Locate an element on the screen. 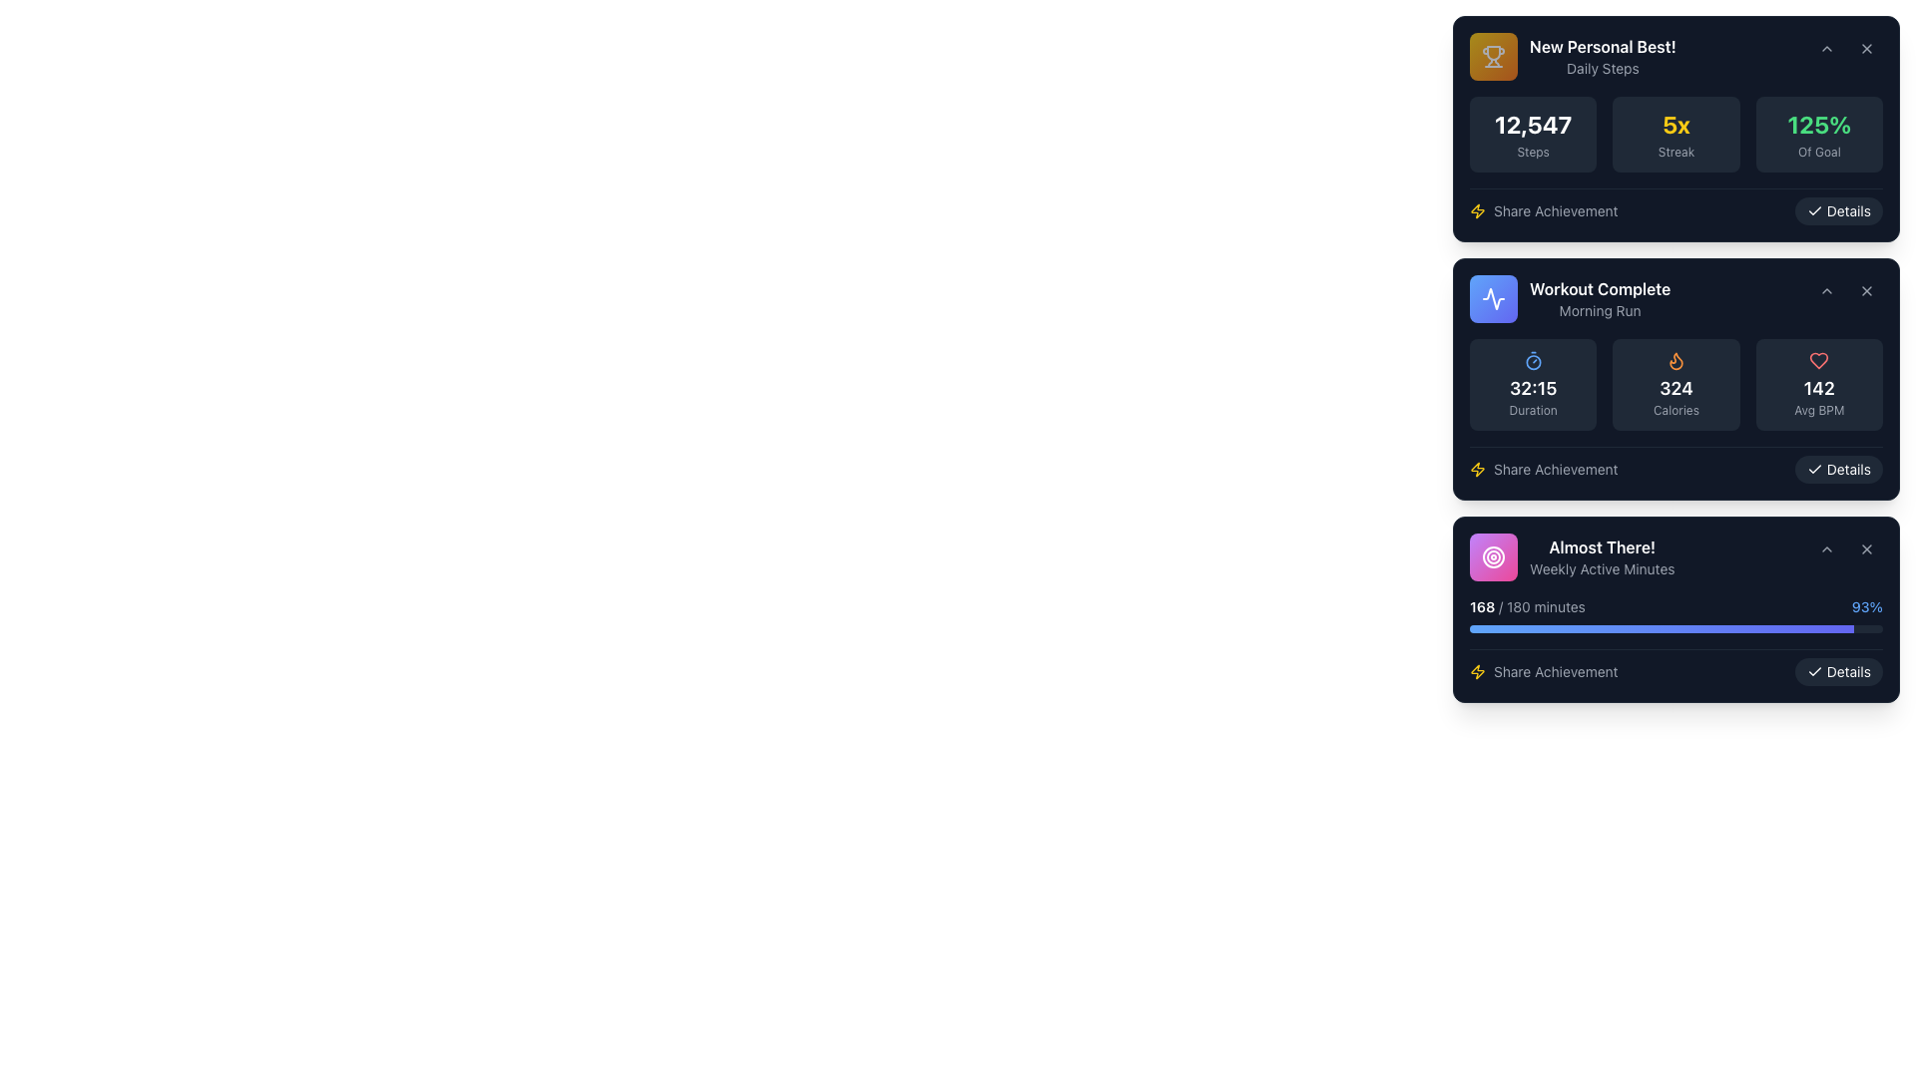 The height and width of the screenshot is (1077, 1916). the Text Label that serves as a decorative text suggesting an action or feature available for the user, located in the first card on the right section of the vertically stacked list of achievement cards is located at coordinates (1555, 211).